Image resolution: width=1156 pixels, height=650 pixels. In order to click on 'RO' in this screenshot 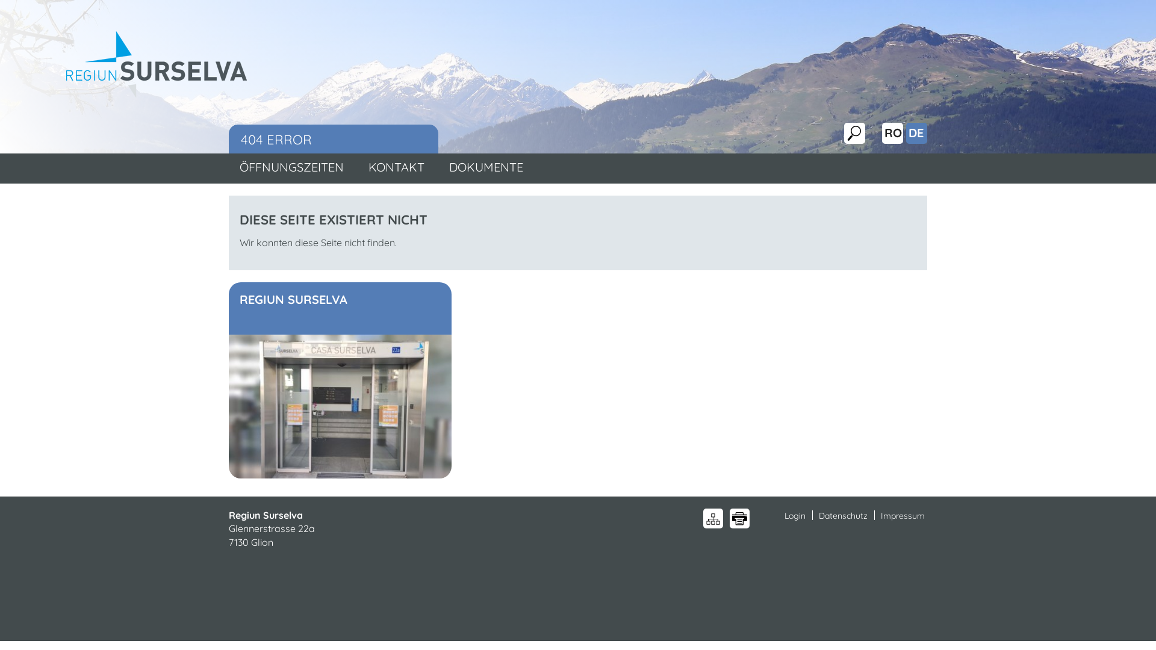, I will do `click(893, 132)`.